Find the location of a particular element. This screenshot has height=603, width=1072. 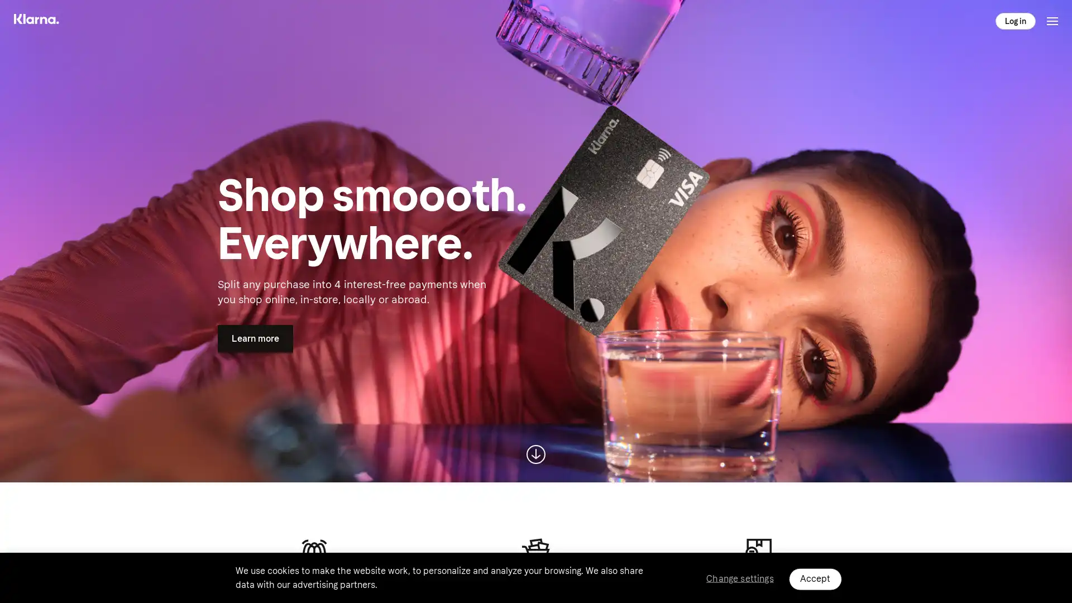

Main menu is located at coordinates (45, 21).